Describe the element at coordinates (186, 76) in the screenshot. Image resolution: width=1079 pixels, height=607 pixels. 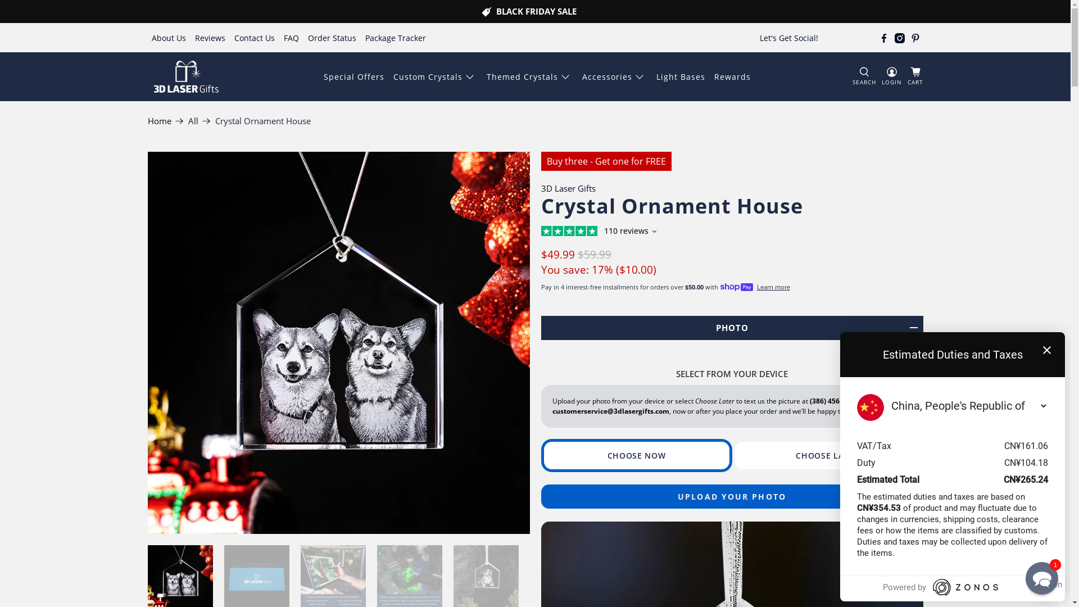
I see `'3D Laser Gifts'` at that location.